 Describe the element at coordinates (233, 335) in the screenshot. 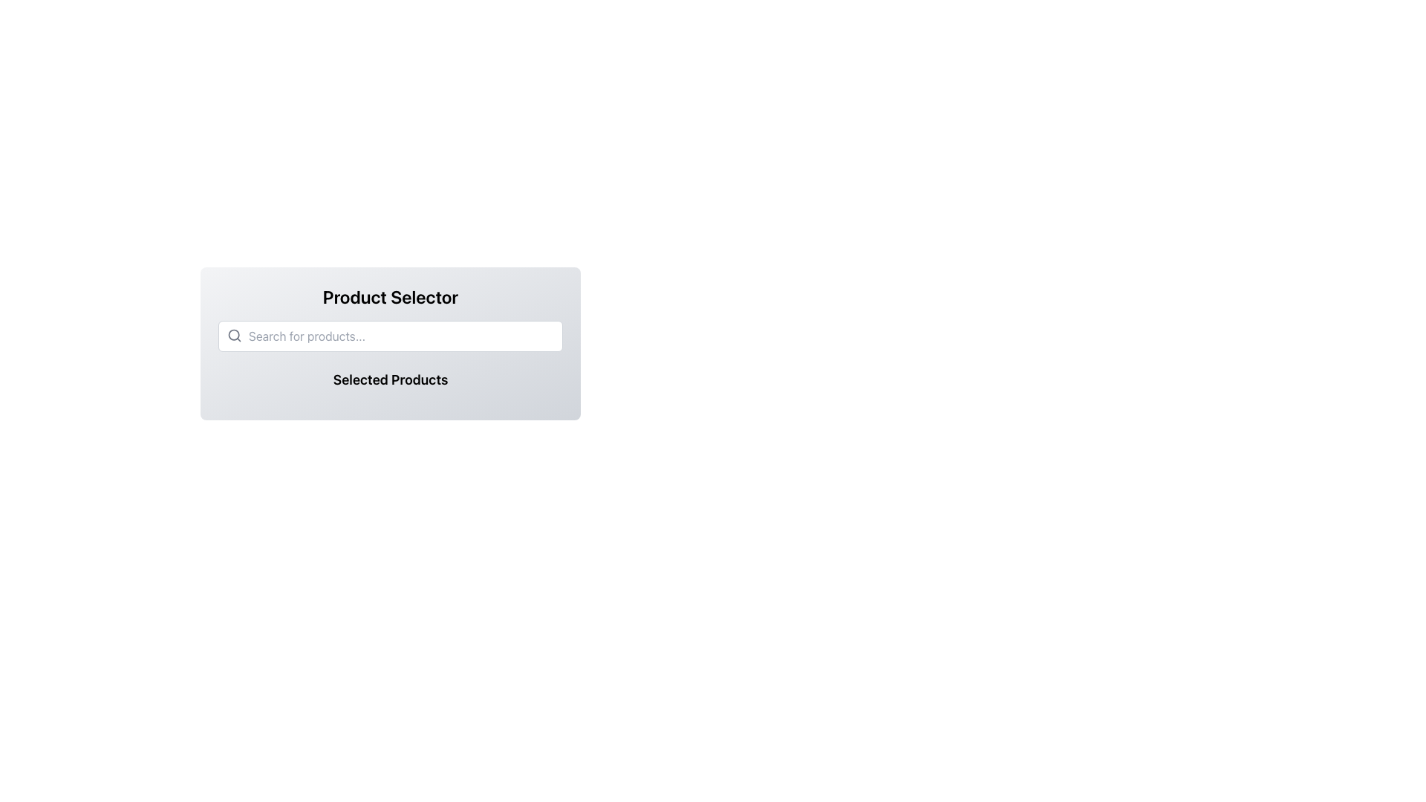

I see `the circular component of the magnifying glass icon located to the left of the search bar text entry box` at that location.